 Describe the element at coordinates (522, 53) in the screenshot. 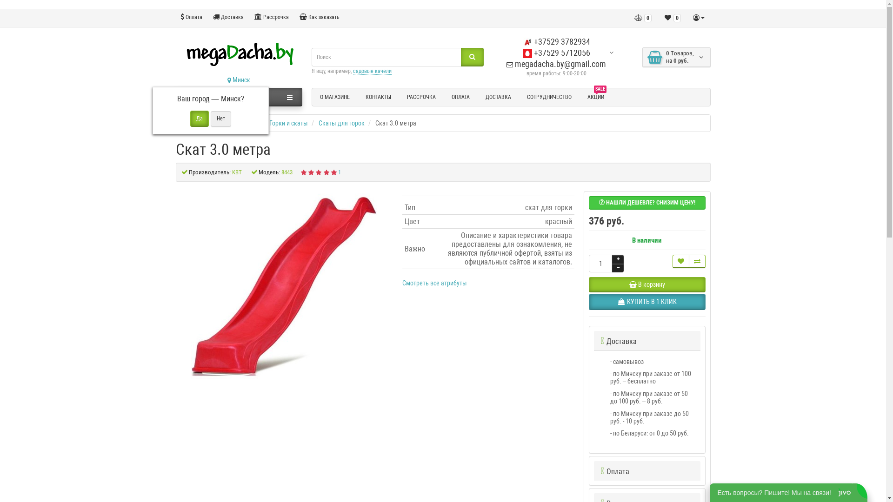

I see `'+37529 5712056'` at that location.